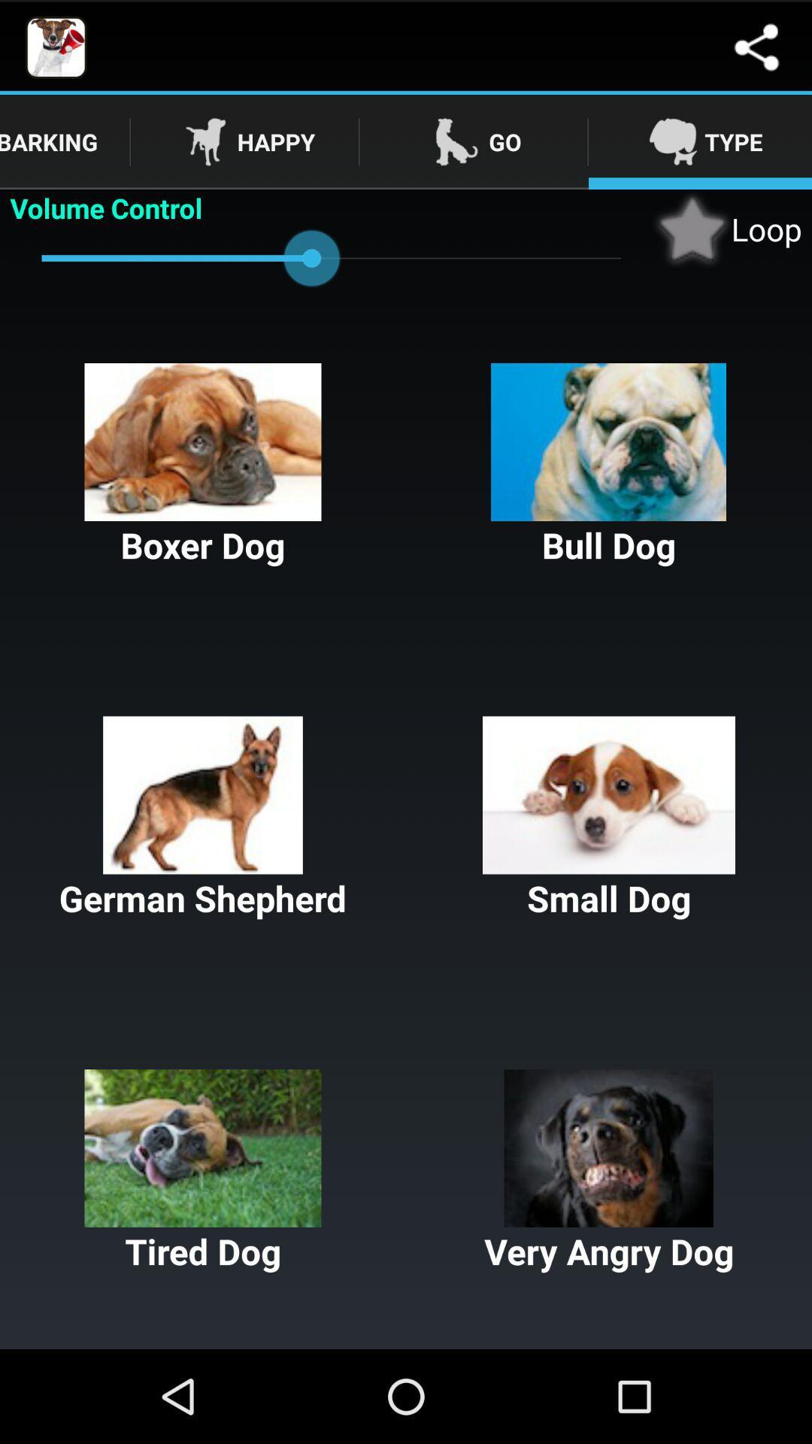 This screenshot has width=812, height=1444. Describe the element at coordinates (726, 228) in the screenshot. I see `the loop icon` at that location.